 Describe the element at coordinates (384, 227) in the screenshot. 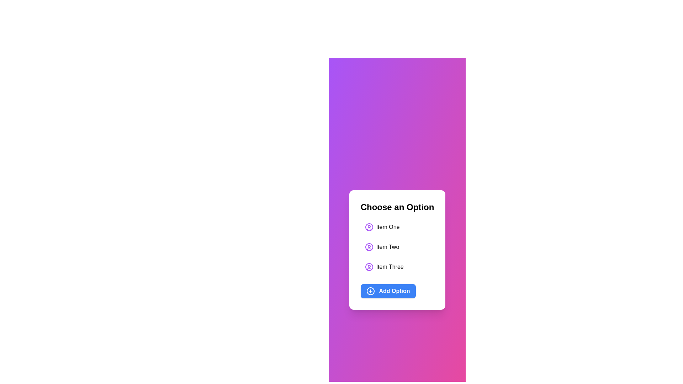

I see `the list item Item One to select it` at that location.